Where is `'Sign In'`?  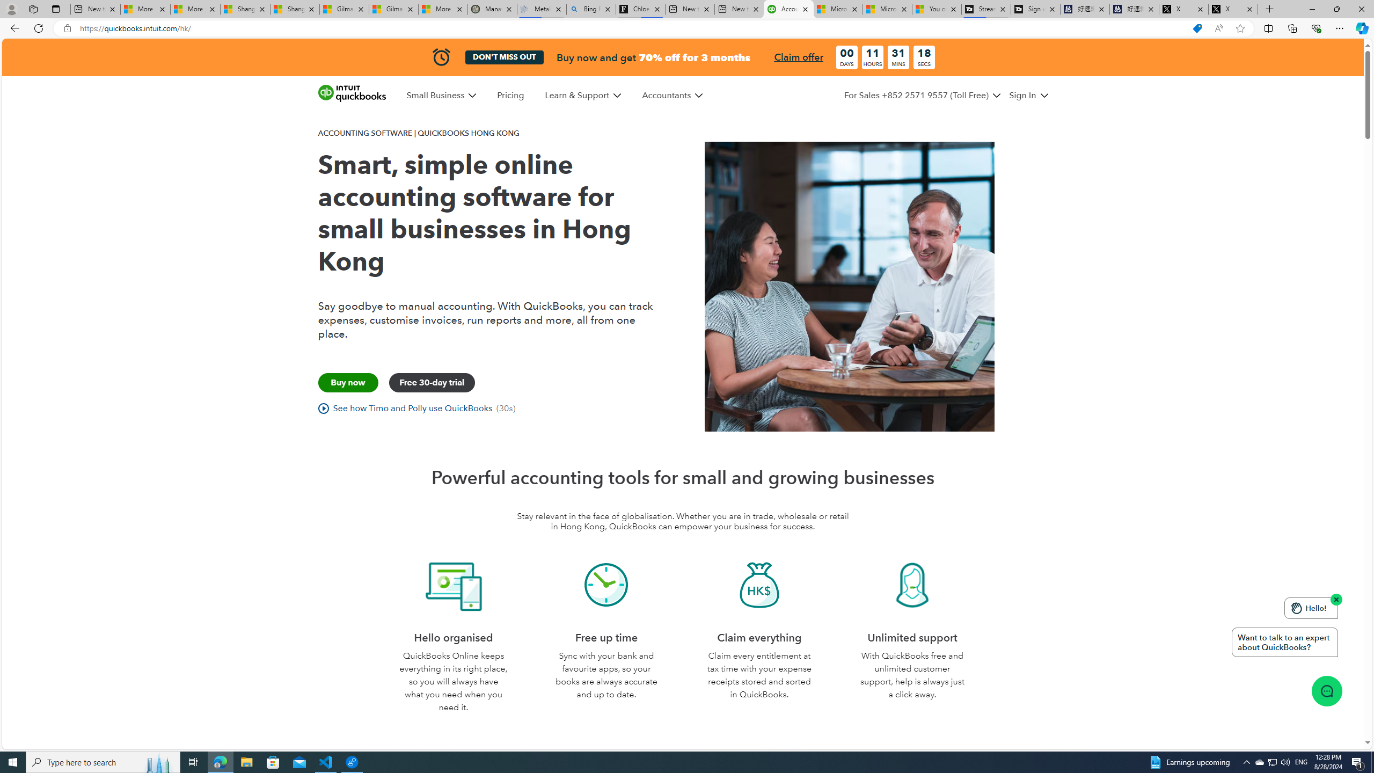
'Sign In' is located at coordinates (1028, 95).